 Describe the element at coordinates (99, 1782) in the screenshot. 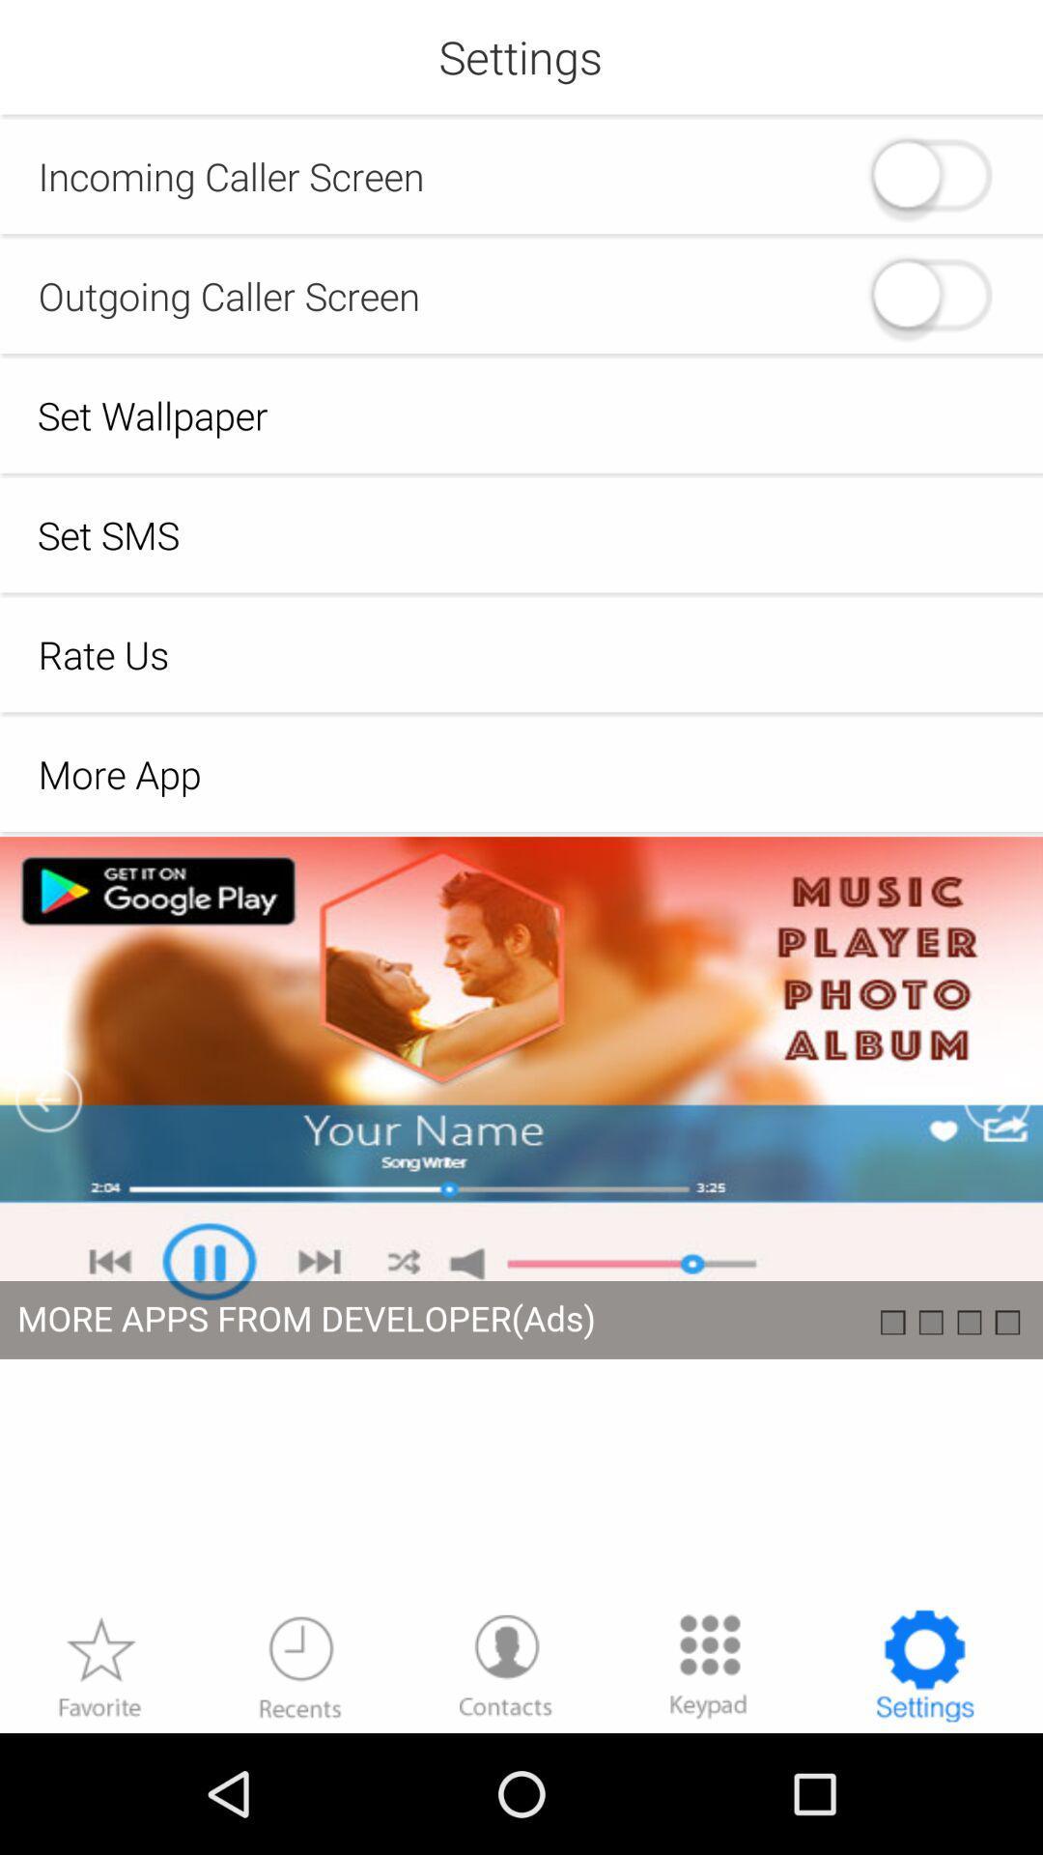

I see `the star icon` at that location.